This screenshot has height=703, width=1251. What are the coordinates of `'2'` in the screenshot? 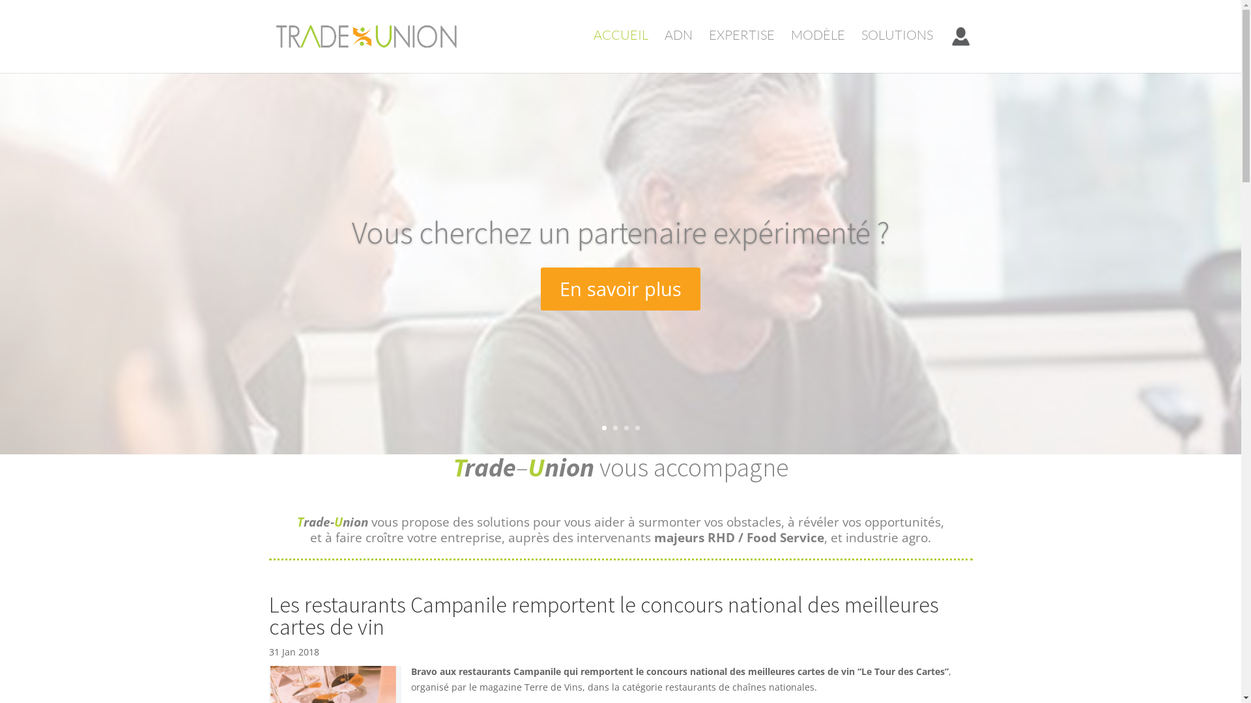 It's located at (614, 428).